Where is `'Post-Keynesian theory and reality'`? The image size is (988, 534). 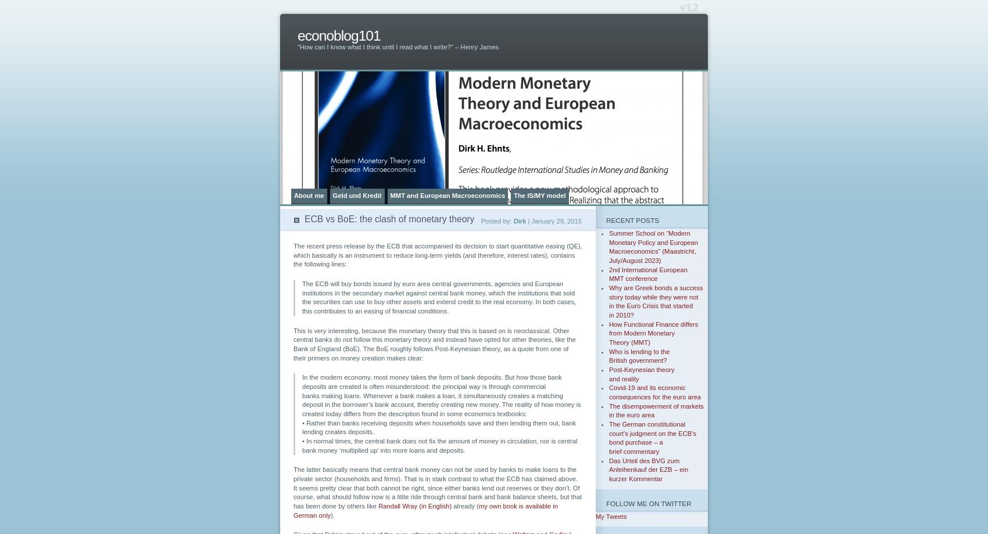 'Post-Keynesian theory and reality' is located at coordinates (641, 373).